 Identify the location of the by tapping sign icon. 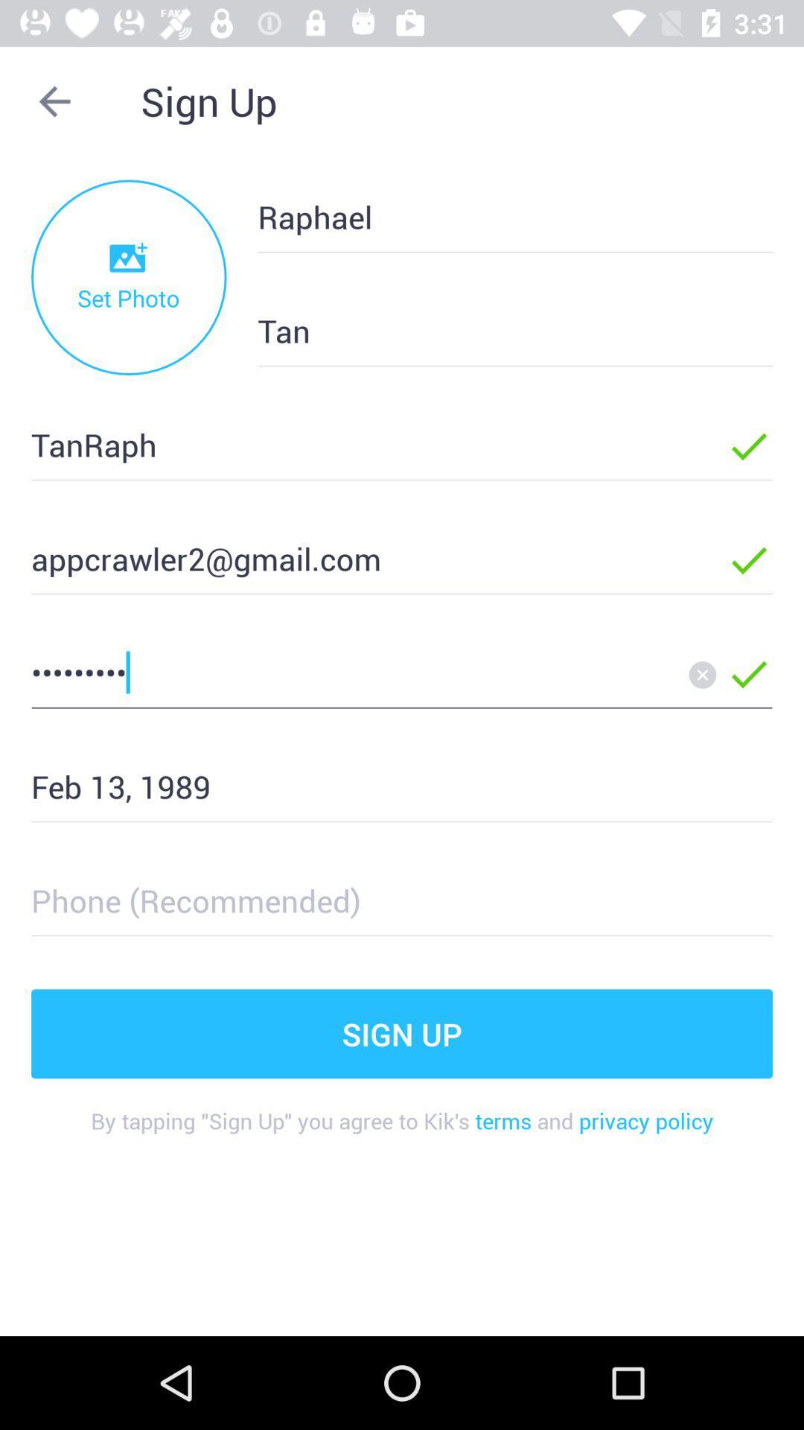
(402, 1132).